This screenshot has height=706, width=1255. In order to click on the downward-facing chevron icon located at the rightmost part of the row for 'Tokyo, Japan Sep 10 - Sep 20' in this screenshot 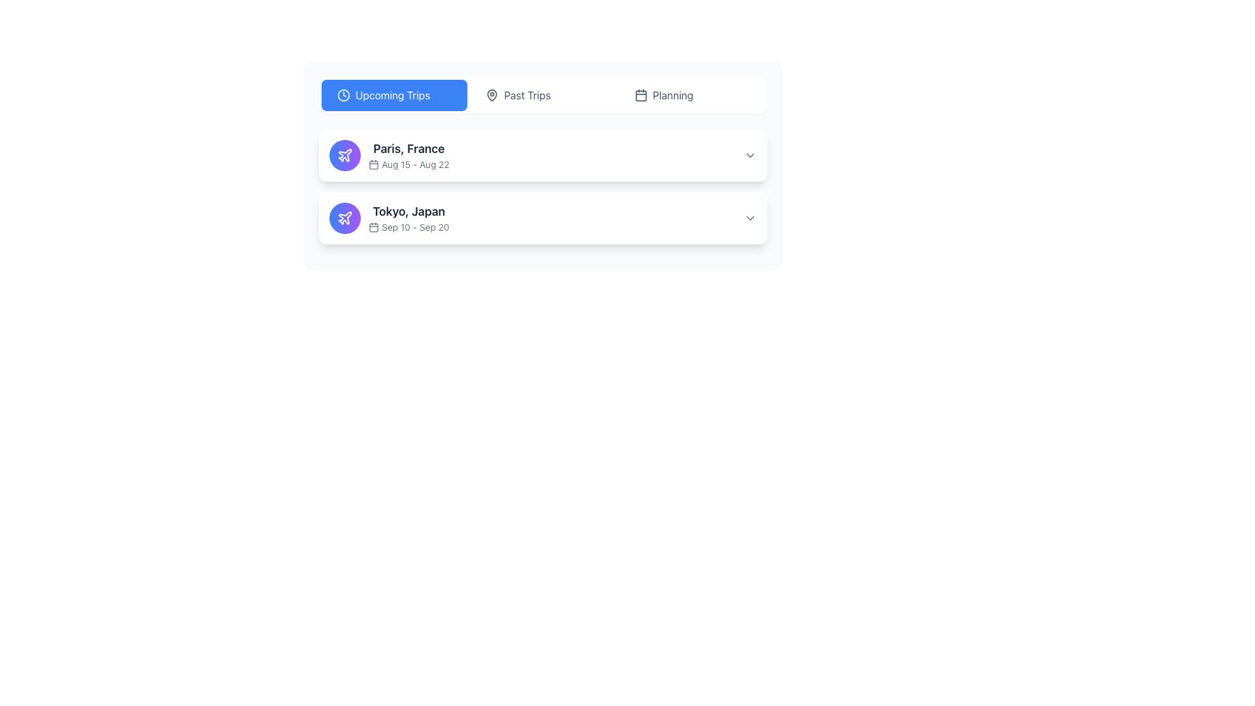, I will do `click(750, 218)`.